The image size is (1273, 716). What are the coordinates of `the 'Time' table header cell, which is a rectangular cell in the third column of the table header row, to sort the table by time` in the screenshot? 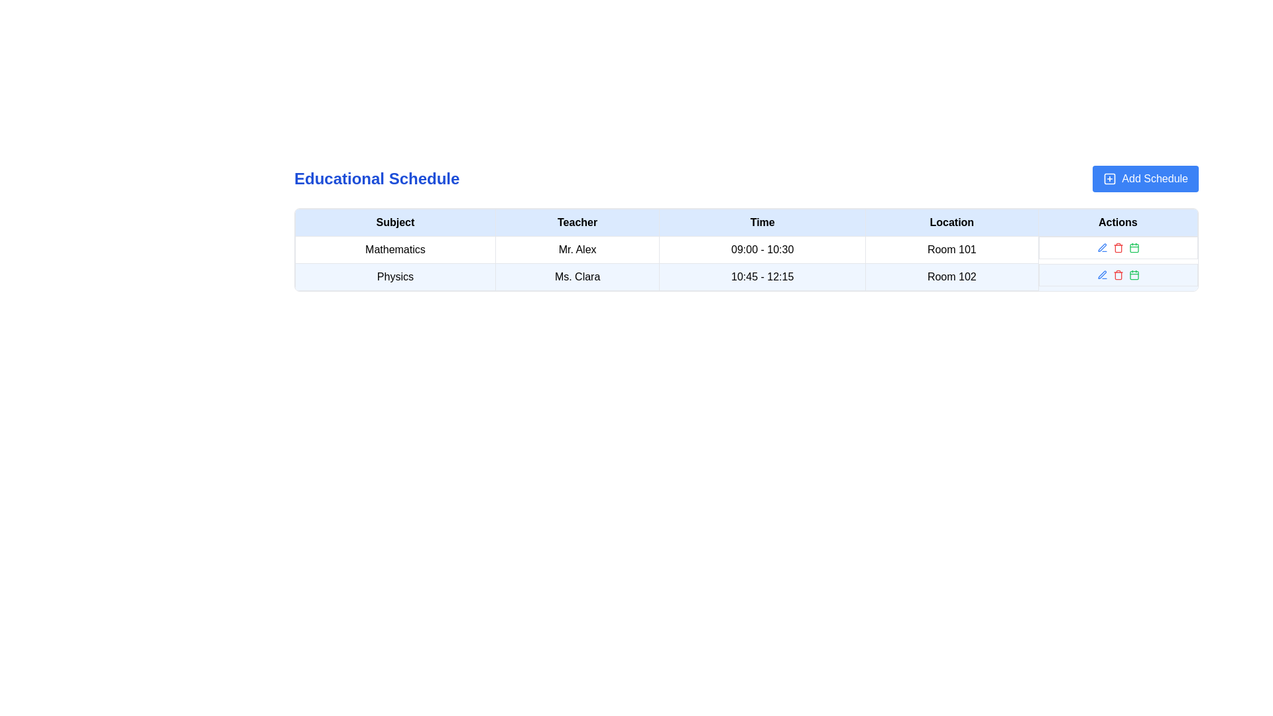 It's located at (747, 221).